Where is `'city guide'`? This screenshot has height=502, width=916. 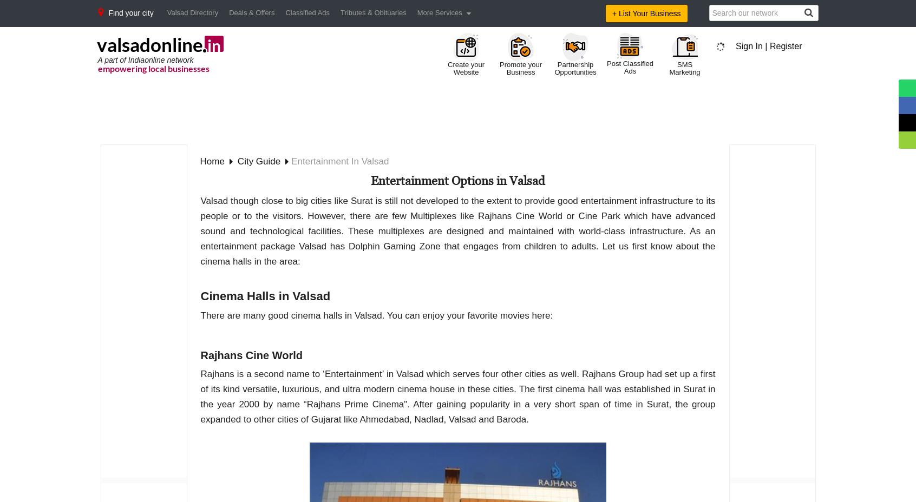
'city guide' is located at coordinates (258, 161).